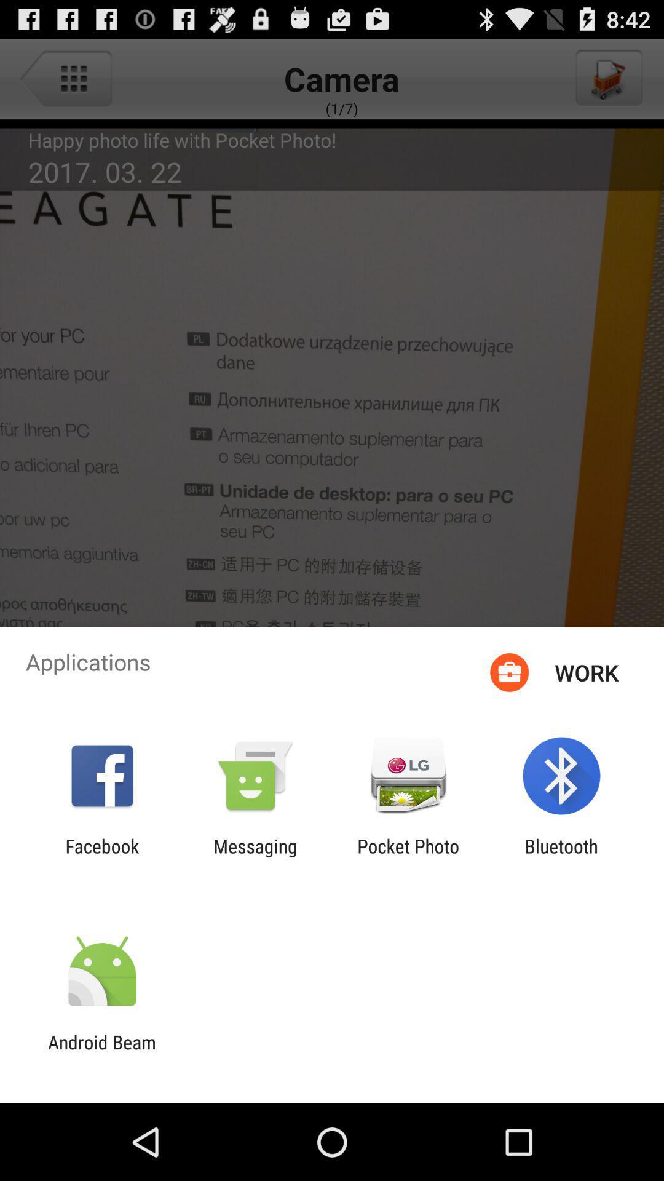 The height and width of the screenshot is (1181, 664). Describe the element at coordinates (255, 856) in the screenshot. I see `messaging icon` at that location.